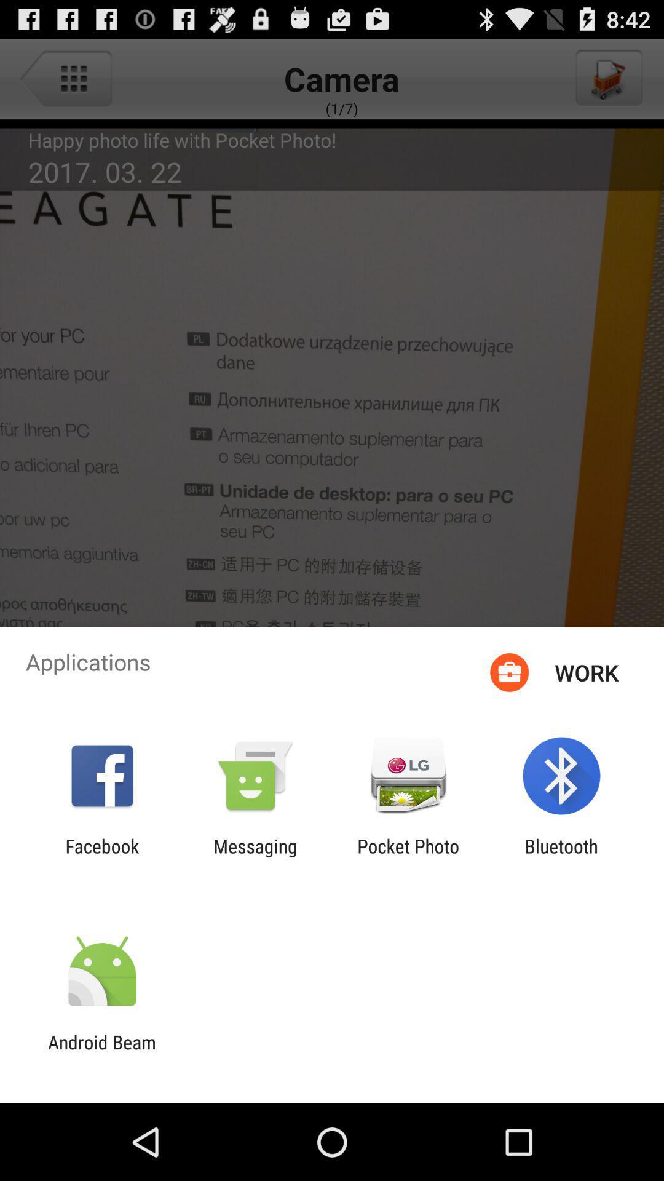 The height and width of the screenshot is (1181, 664). Describe the element at coordinates (255, 856) in the screenshot. I see `messaging icon` at that location.